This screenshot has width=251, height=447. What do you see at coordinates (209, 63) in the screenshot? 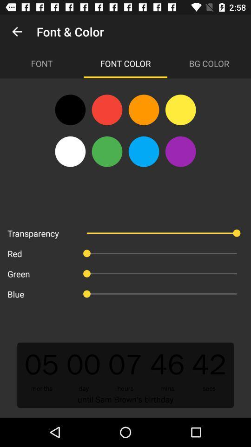
I see `item to the right of font color icon` at bounding box center [209, 63].